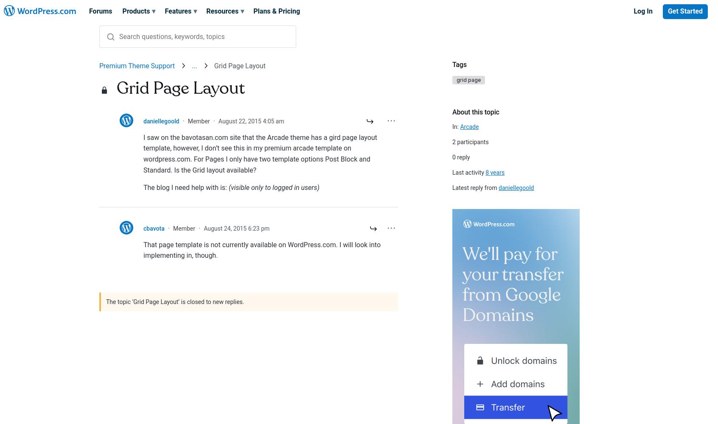 Image resolution: width=718 pixels, height=424 pixels. Describe the element at coordinates (456, 127) in the screenshot. I see `'In:'` at that location.